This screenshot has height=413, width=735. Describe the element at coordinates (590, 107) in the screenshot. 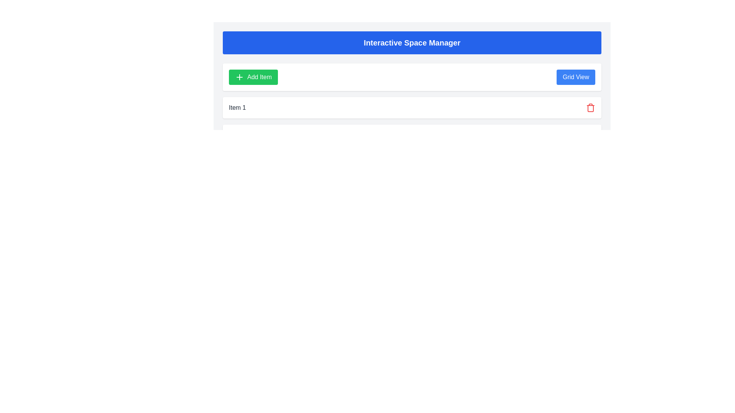

I see `the red-colored trash can icon with rounded edges` at that location.